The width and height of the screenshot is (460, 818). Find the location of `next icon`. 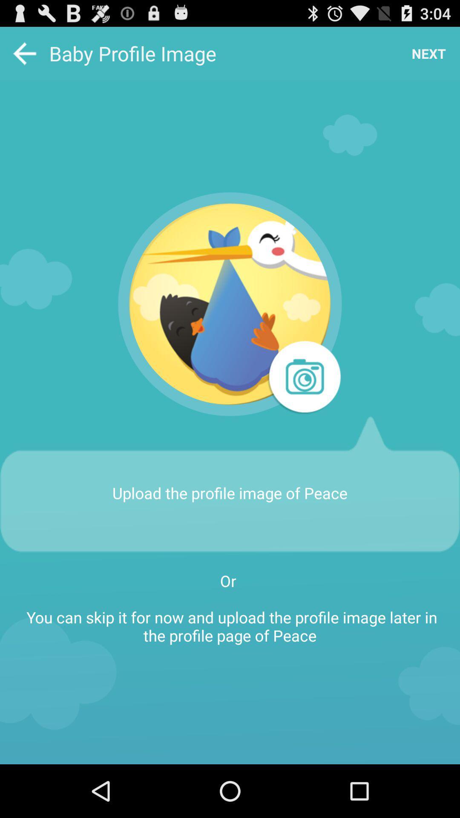

next icon is located at coordinates (428, 53).